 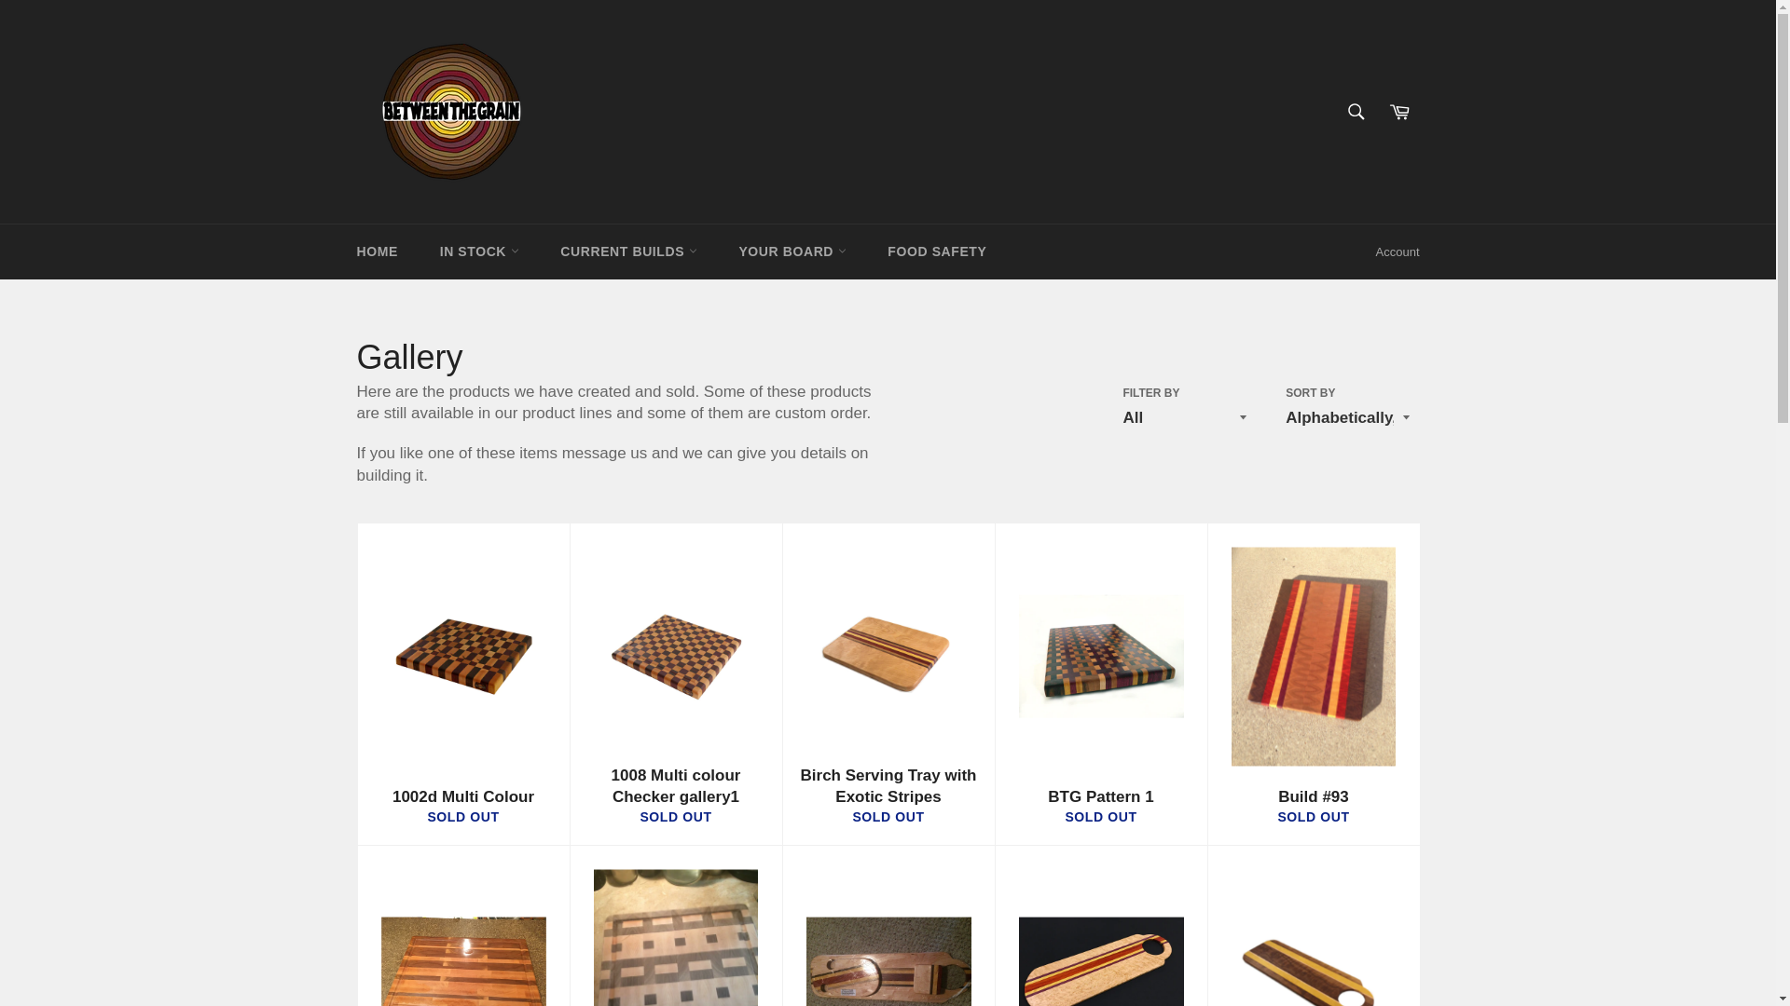 I want to click on 'IN STOCK', so click(x=420, y=251).